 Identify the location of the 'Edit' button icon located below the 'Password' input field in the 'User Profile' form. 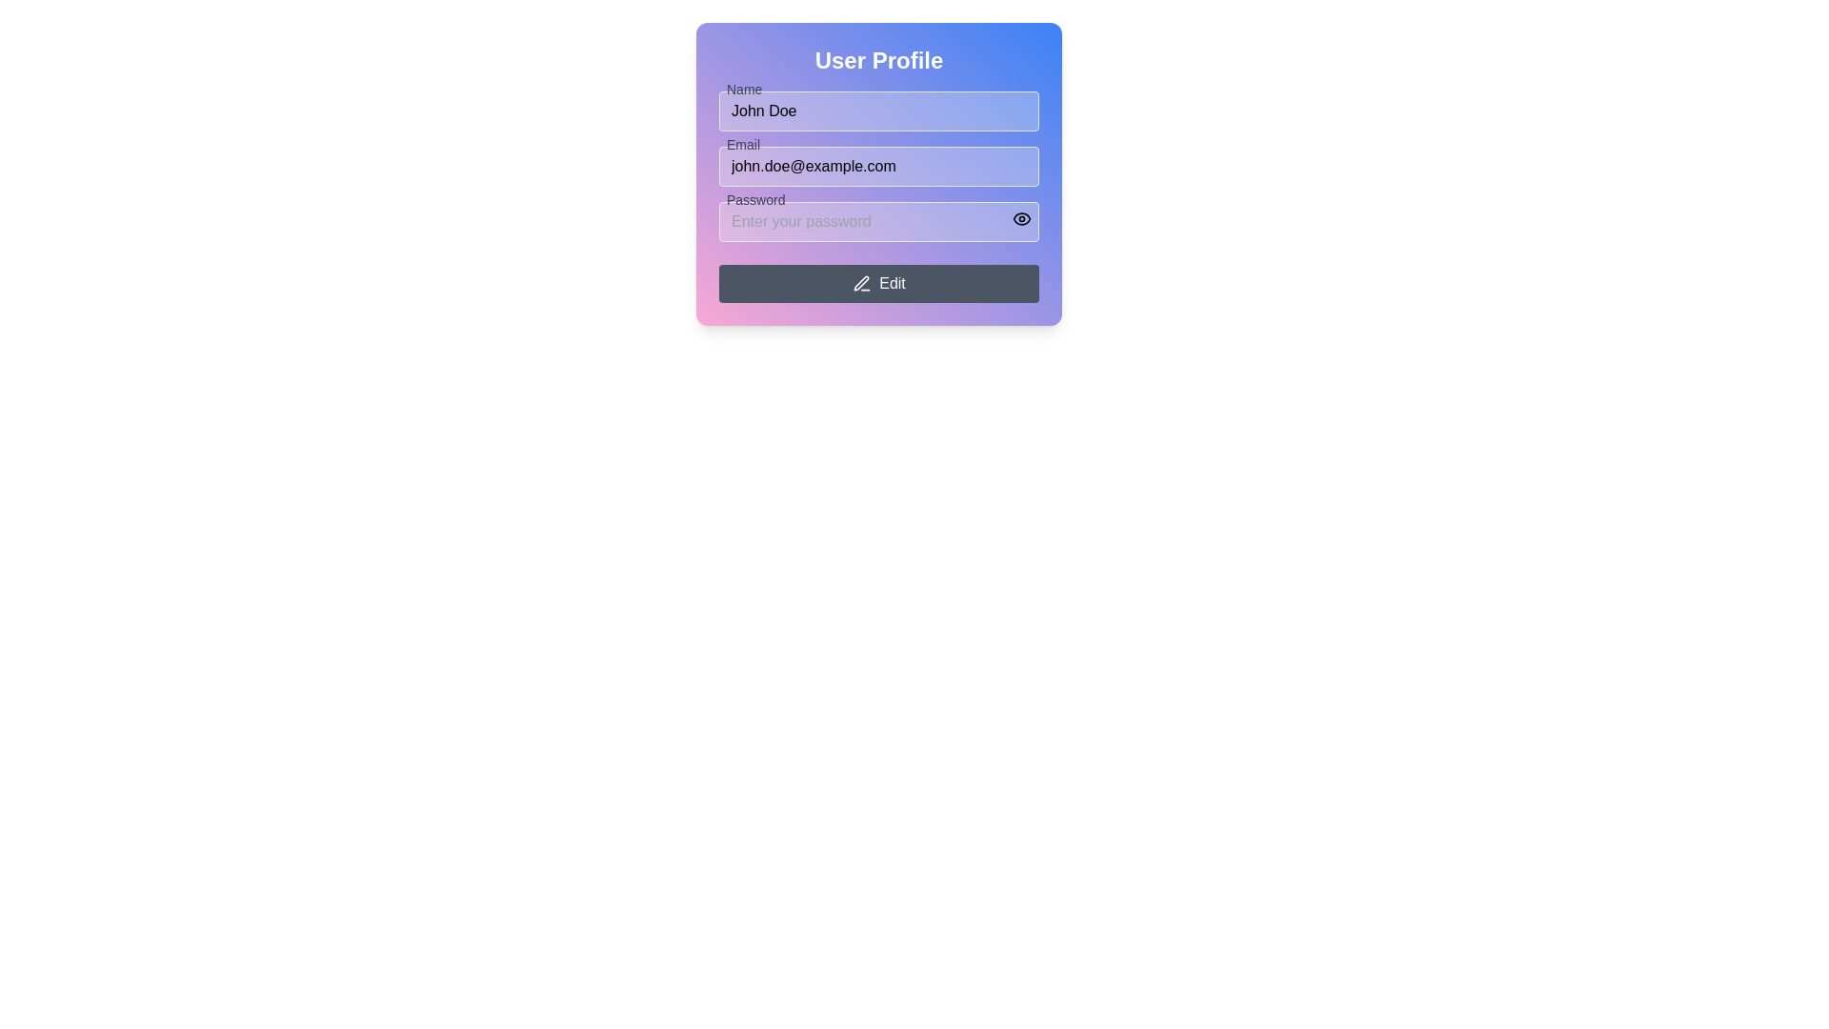
(861, 283).